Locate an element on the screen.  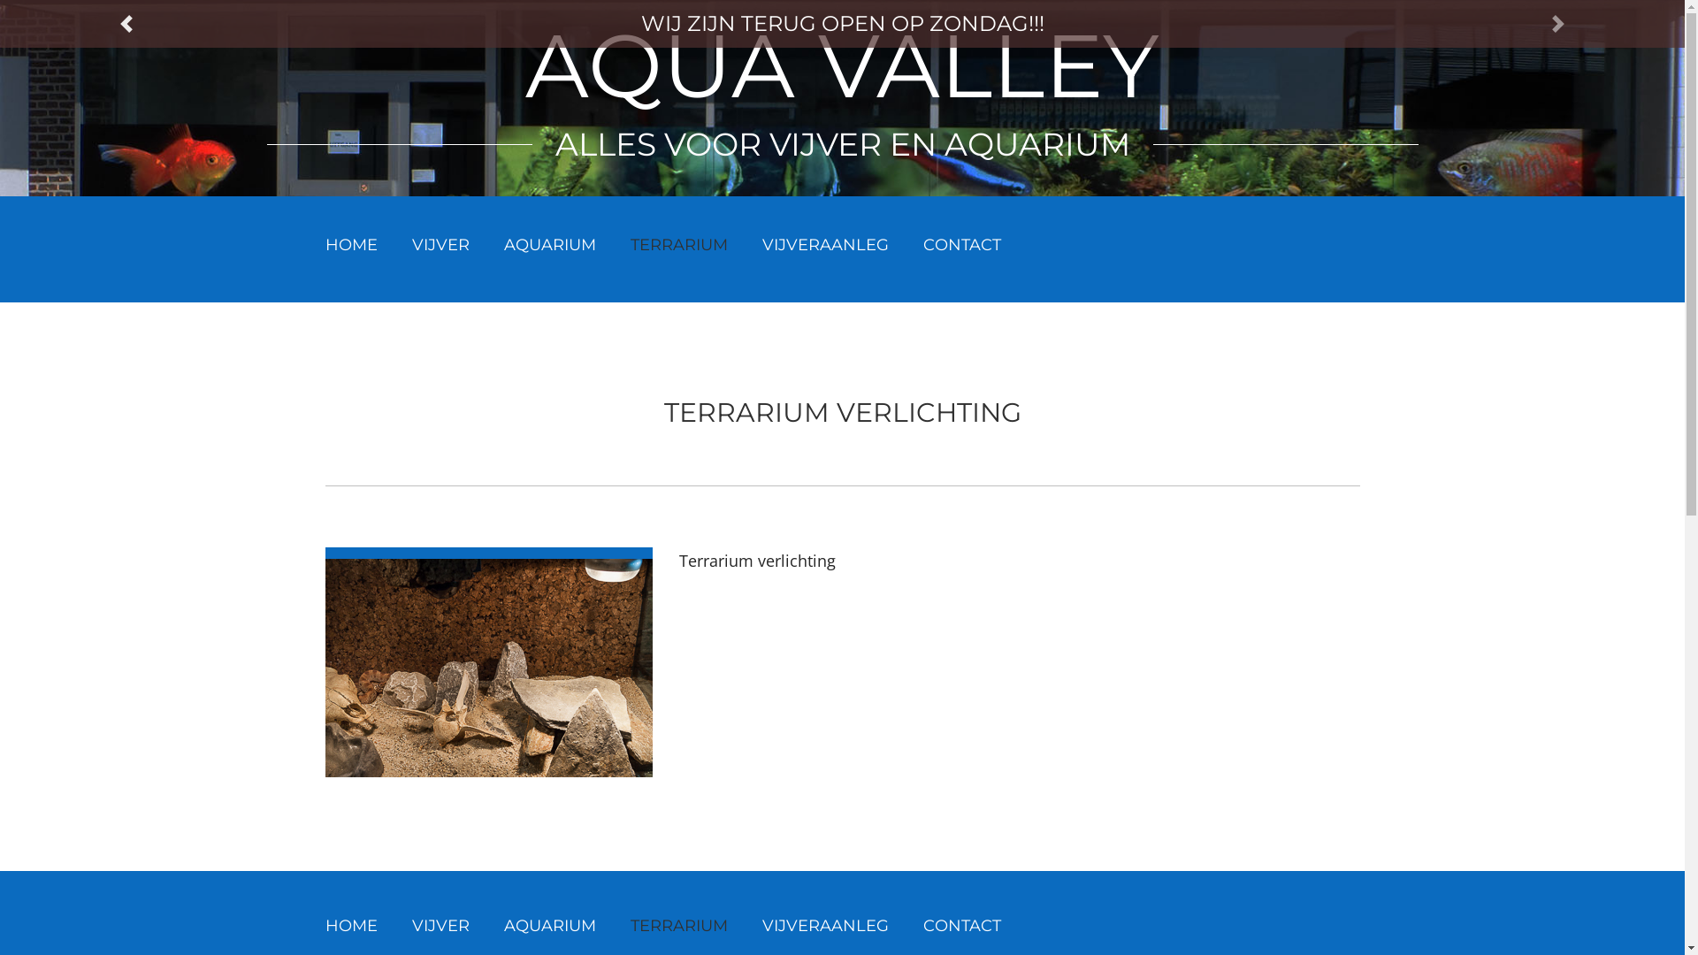
'PREVIOUS' is located at coordinates (126, 5).